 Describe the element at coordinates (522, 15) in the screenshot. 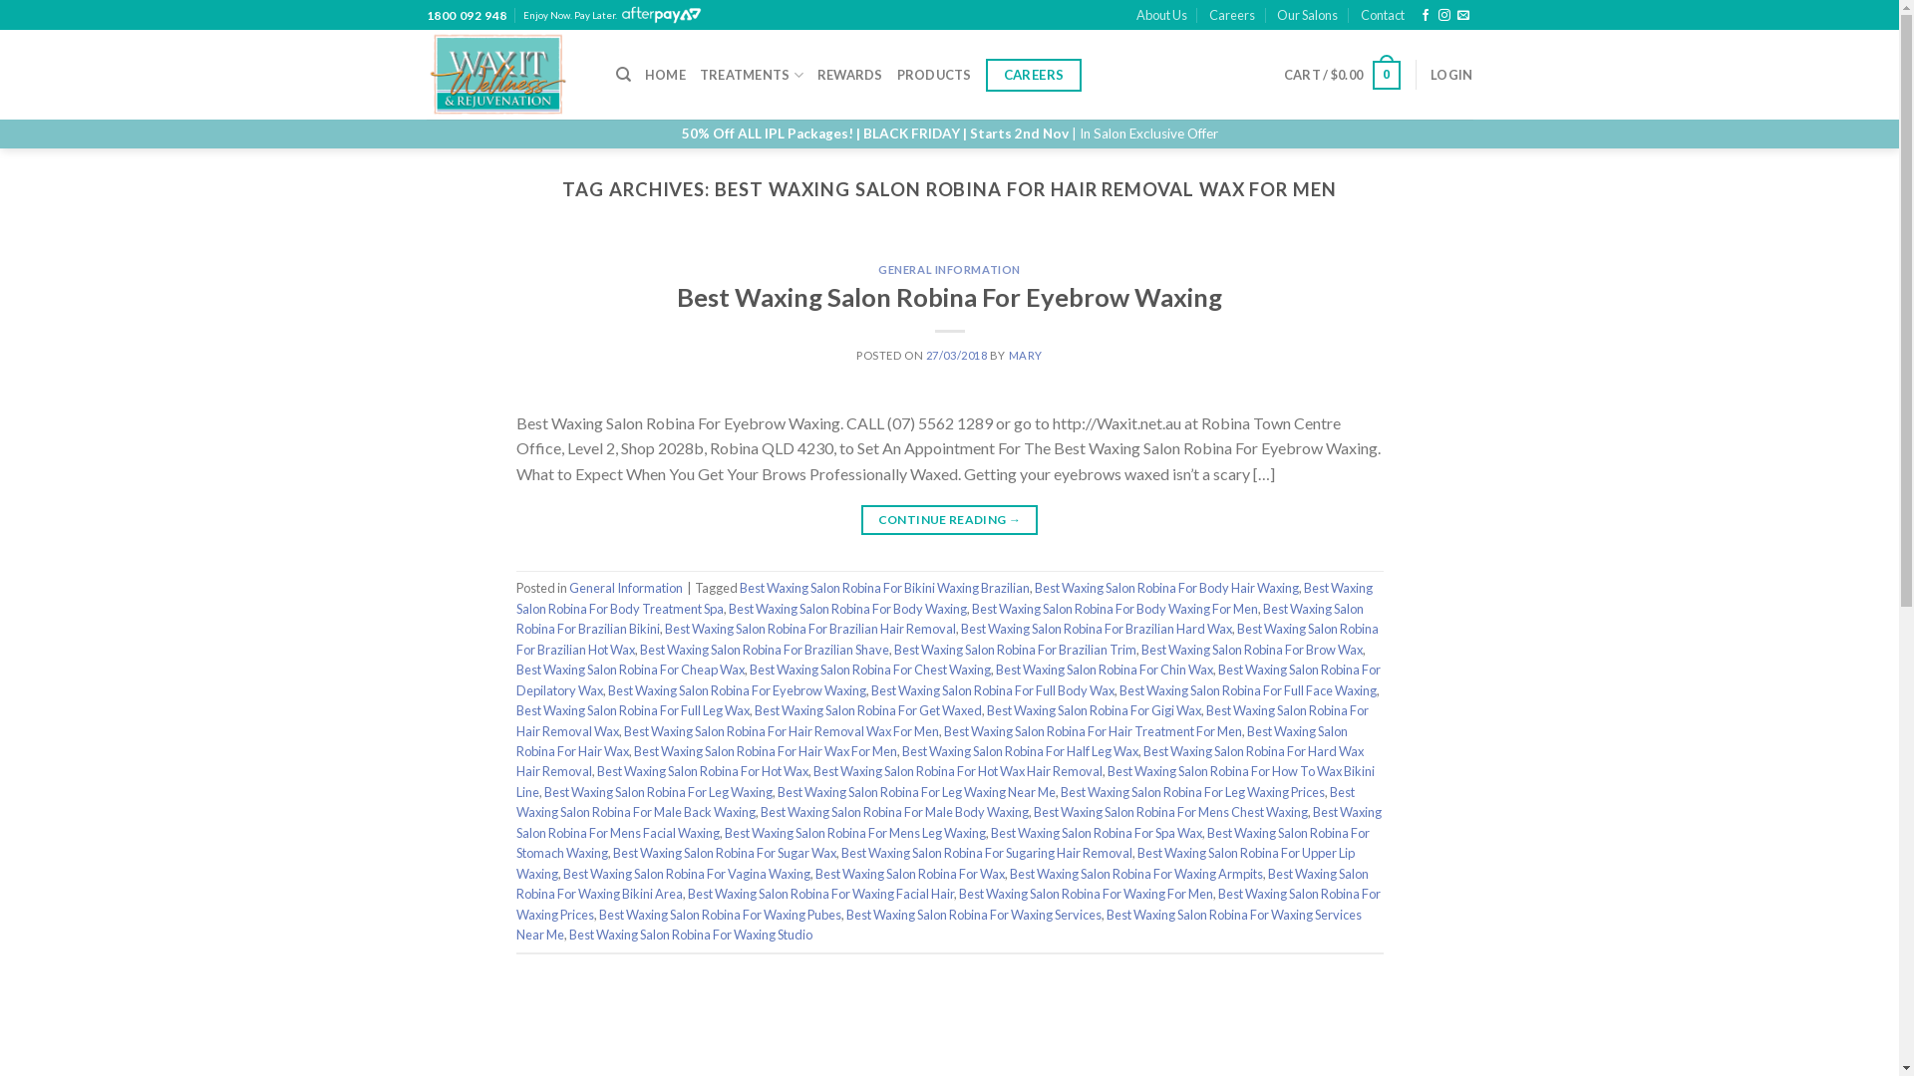

I see `'Enjoy Now. Pay Later.'` at that location.